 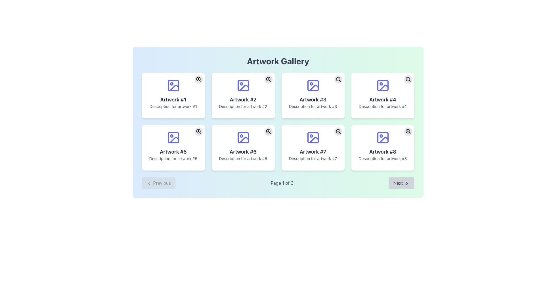 What do you see at coordinates (173, 152) in the screenshot?
I see `the text label for 'Artwork #5' located at the bottom-left of the gallery grid` at bounding box center [173, 152].